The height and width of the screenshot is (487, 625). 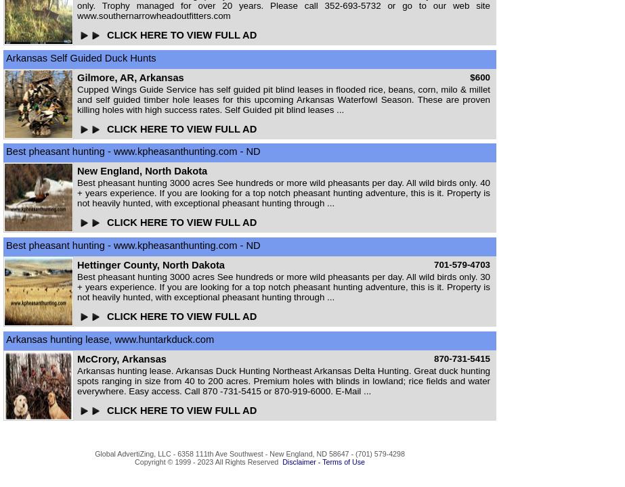 What do you see at coordinates (249, 469) in the screenshot?
I see `'here'` at bounding box center [249, 469].